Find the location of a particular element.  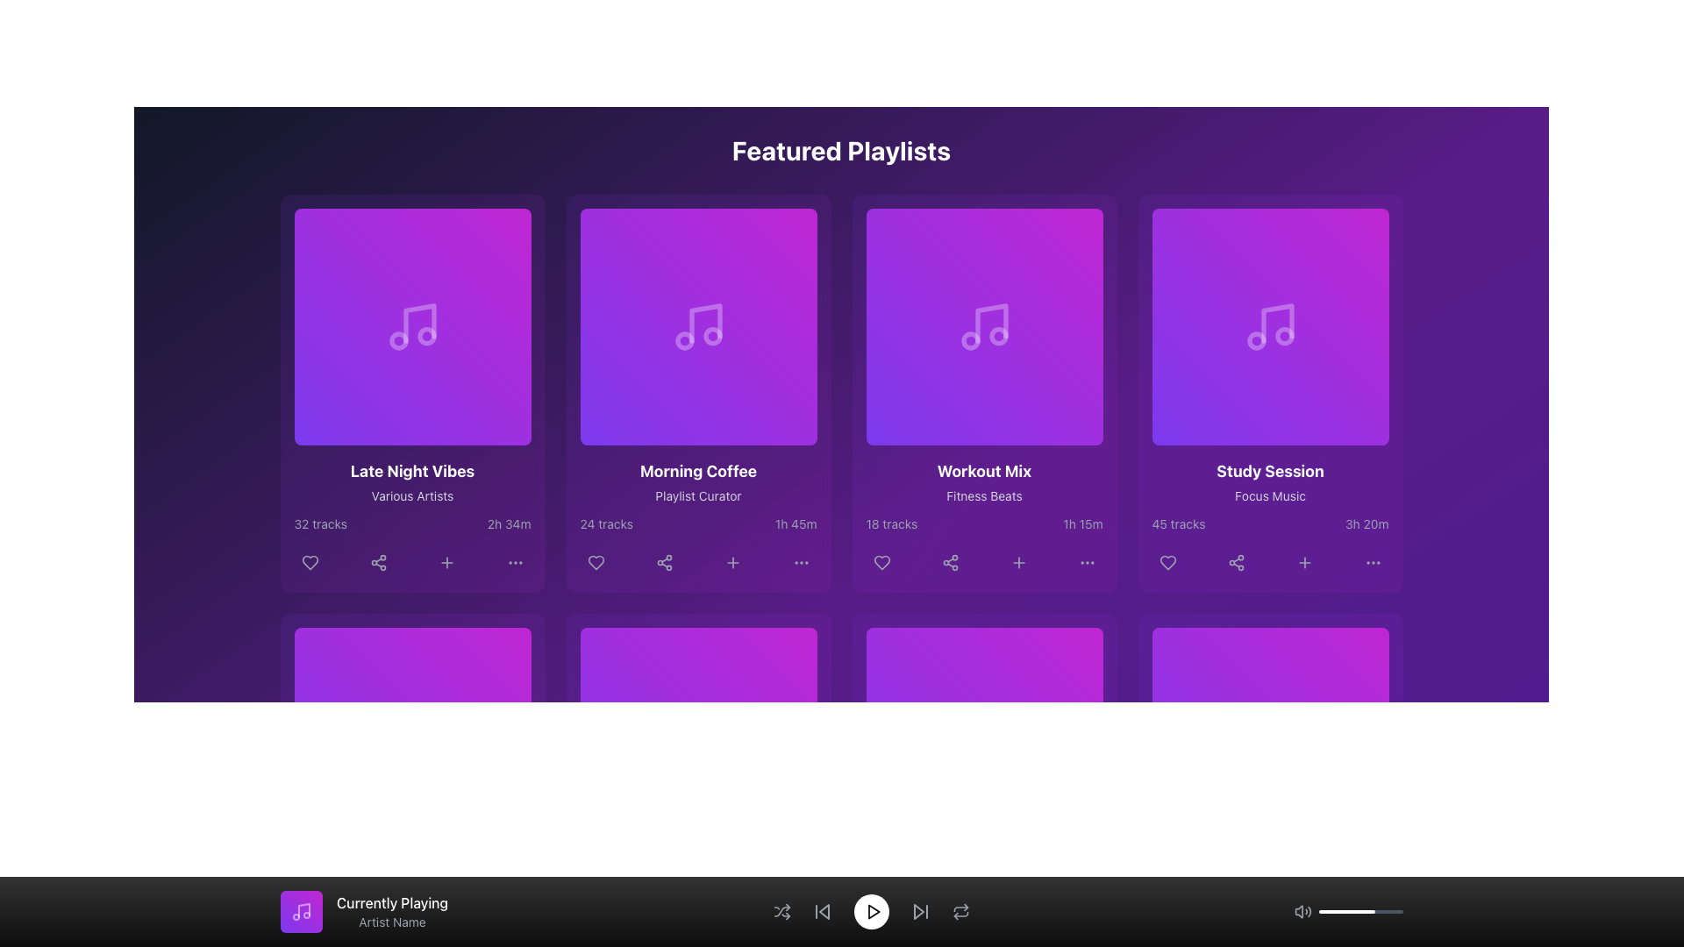

the share button icon that resembles a network of nodes, located in the bottom row of control icons of the 'Workout Mix' playlist card, specifically the second icon from the left is located at coordinates (949, 562).